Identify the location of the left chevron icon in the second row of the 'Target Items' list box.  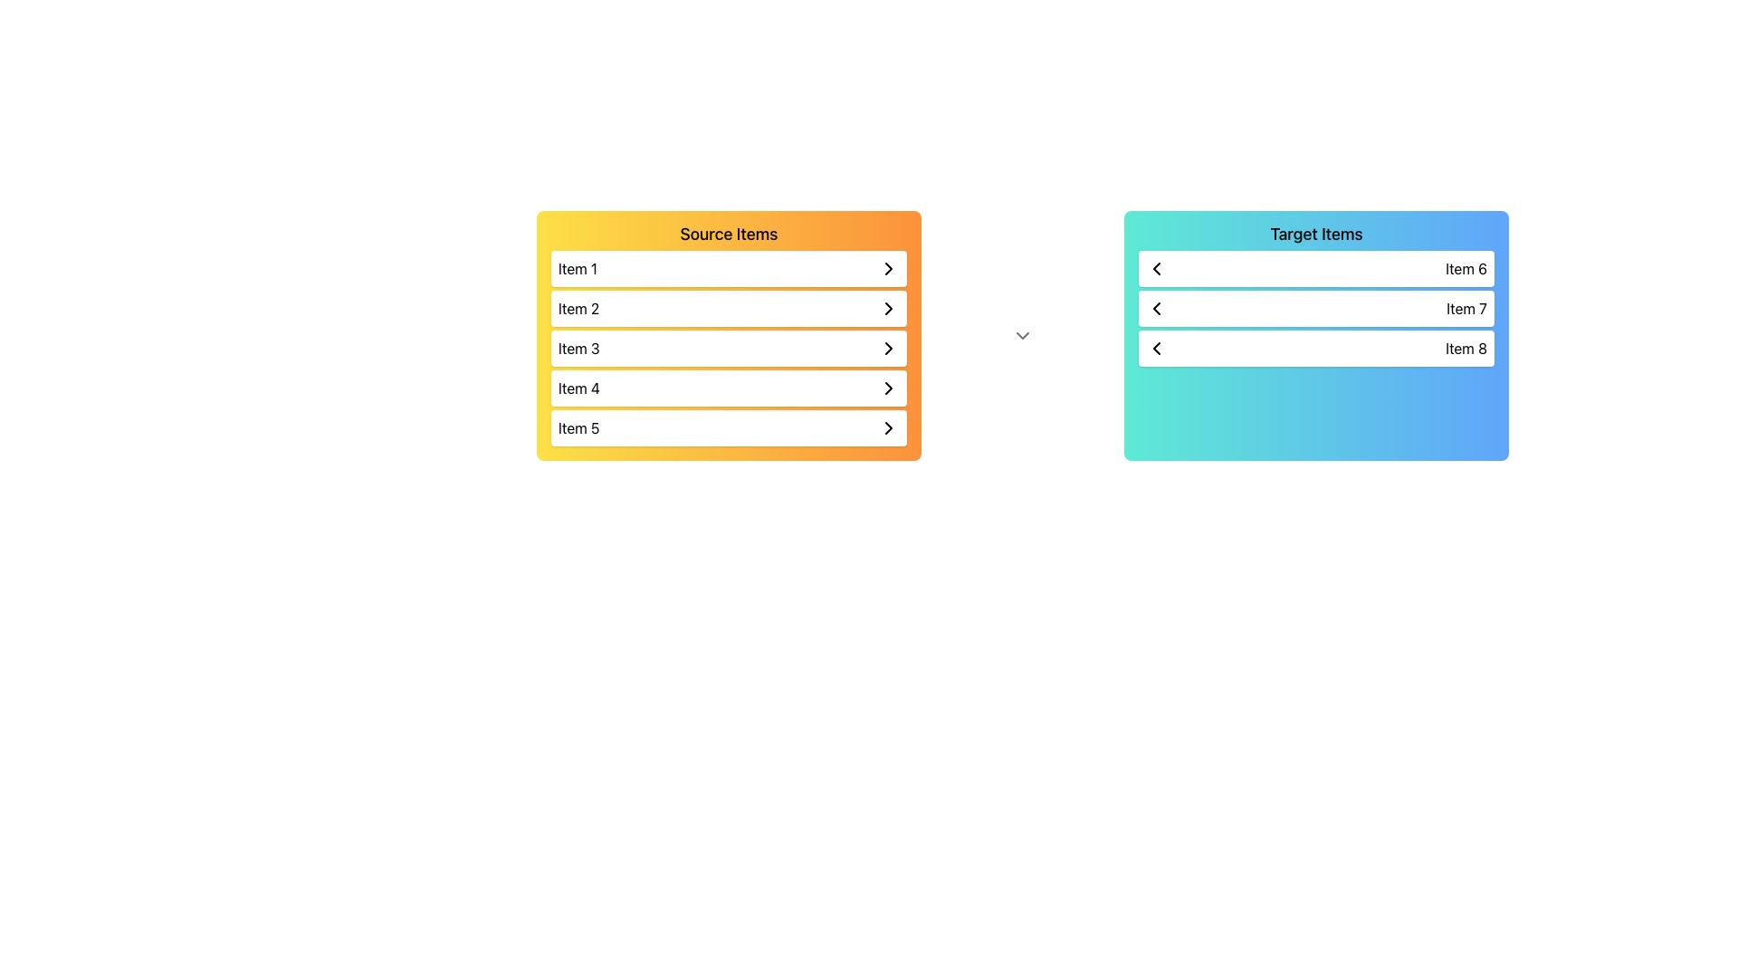
(1156, 307).